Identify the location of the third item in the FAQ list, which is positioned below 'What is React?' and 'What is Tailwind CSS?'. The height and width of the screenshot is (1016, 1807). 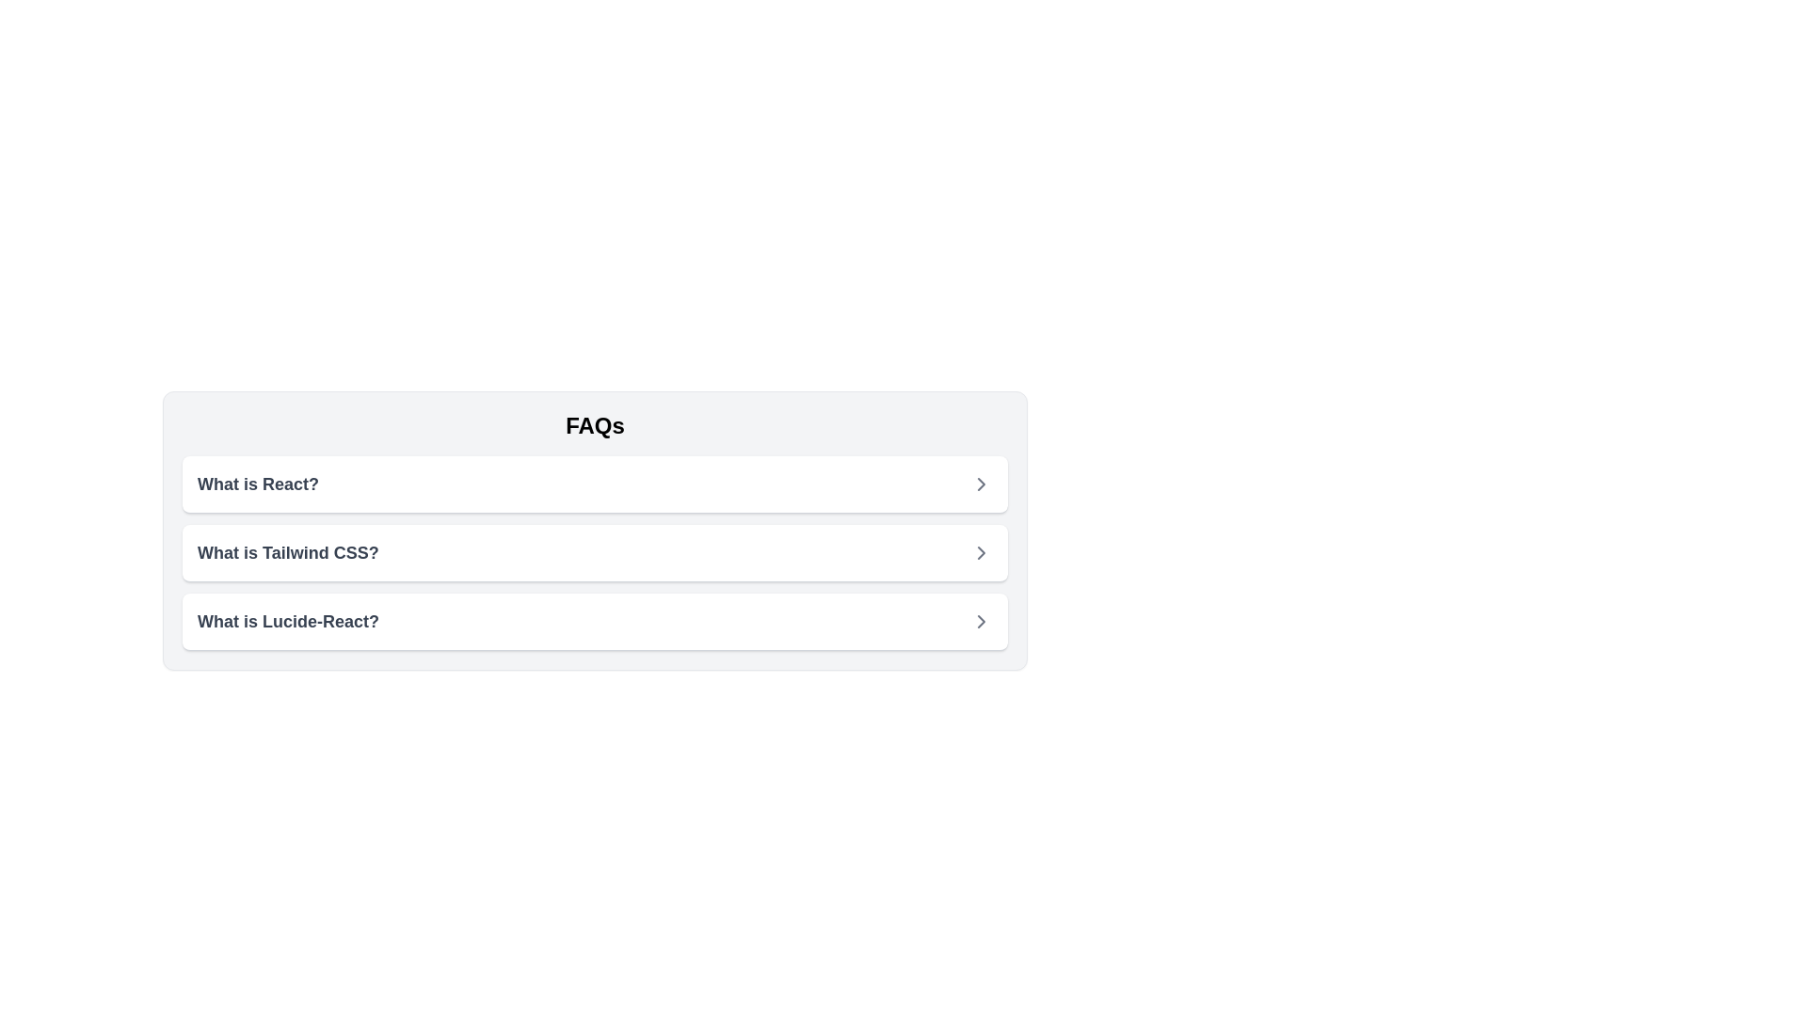
(594, 622).